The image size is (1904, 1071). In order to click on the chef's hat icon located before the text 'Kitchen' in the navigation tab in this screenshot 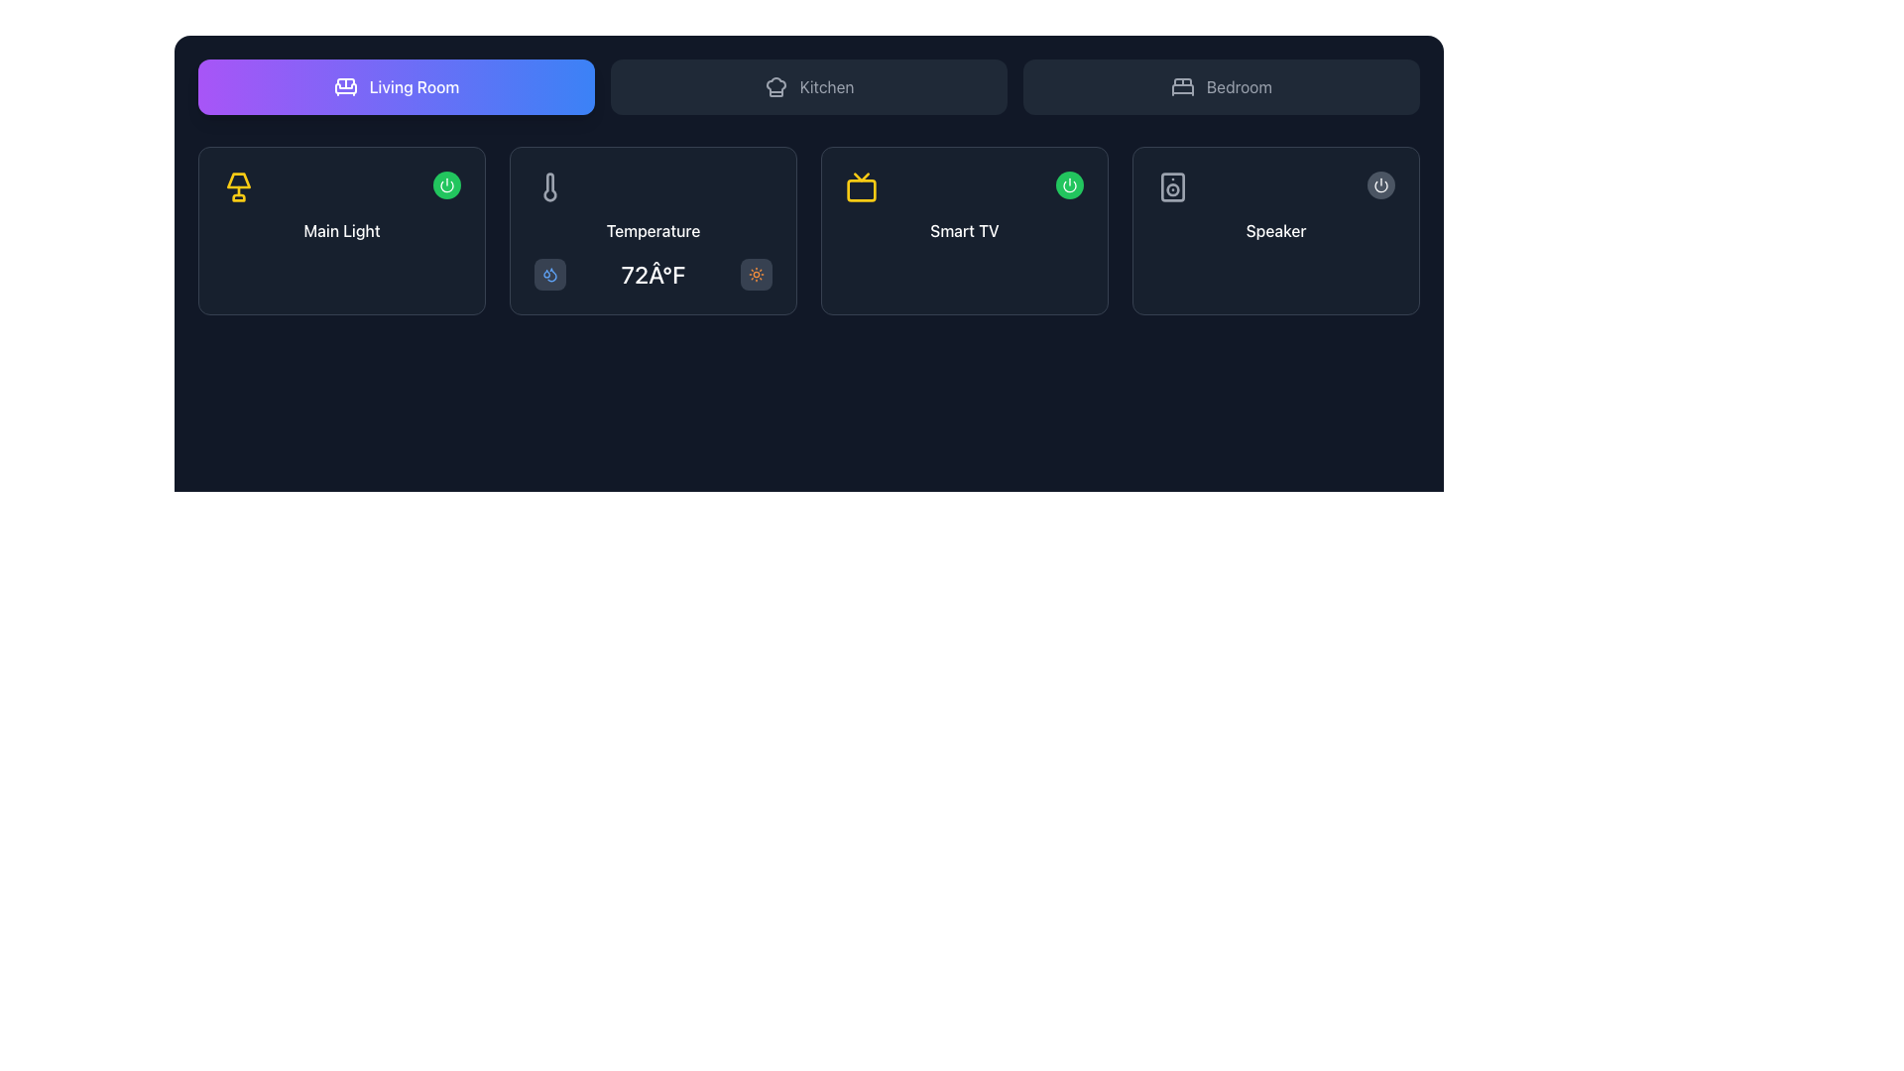, I will do `click(774, 86)`.